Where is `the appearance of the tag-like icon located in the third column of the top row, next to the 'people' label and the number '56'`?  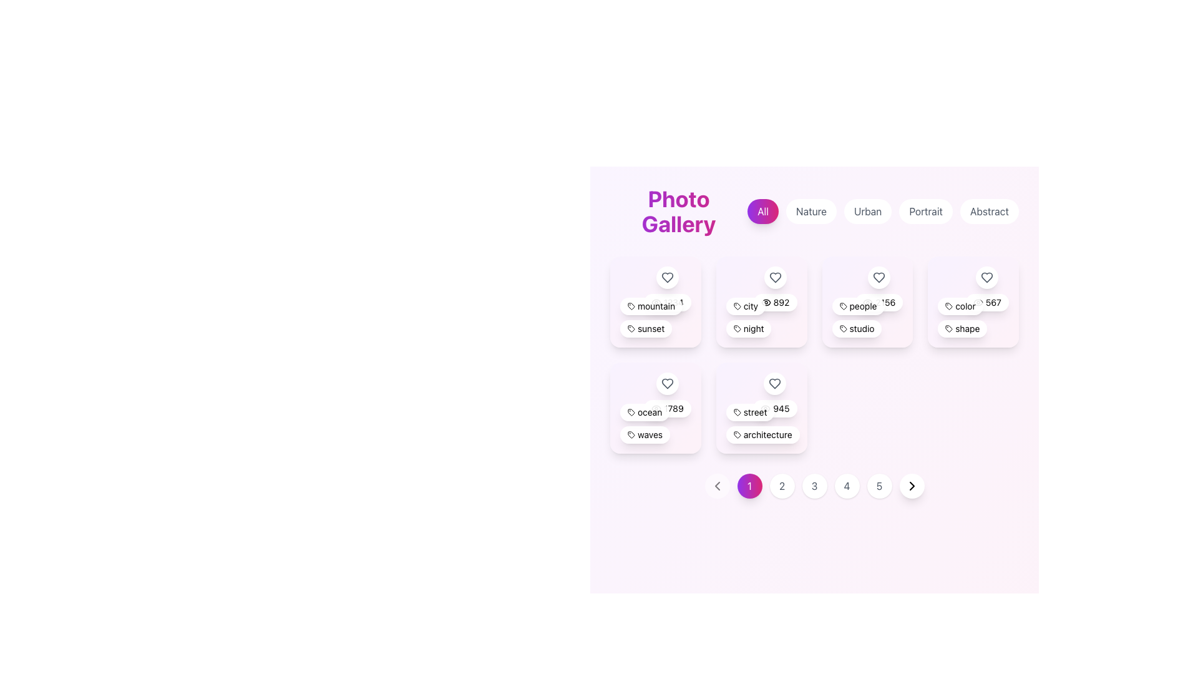
the appearance of the tag-like icon located in the third column of the top row, next to the 'people' label and the number '56' is located at coordinates (843, 328).